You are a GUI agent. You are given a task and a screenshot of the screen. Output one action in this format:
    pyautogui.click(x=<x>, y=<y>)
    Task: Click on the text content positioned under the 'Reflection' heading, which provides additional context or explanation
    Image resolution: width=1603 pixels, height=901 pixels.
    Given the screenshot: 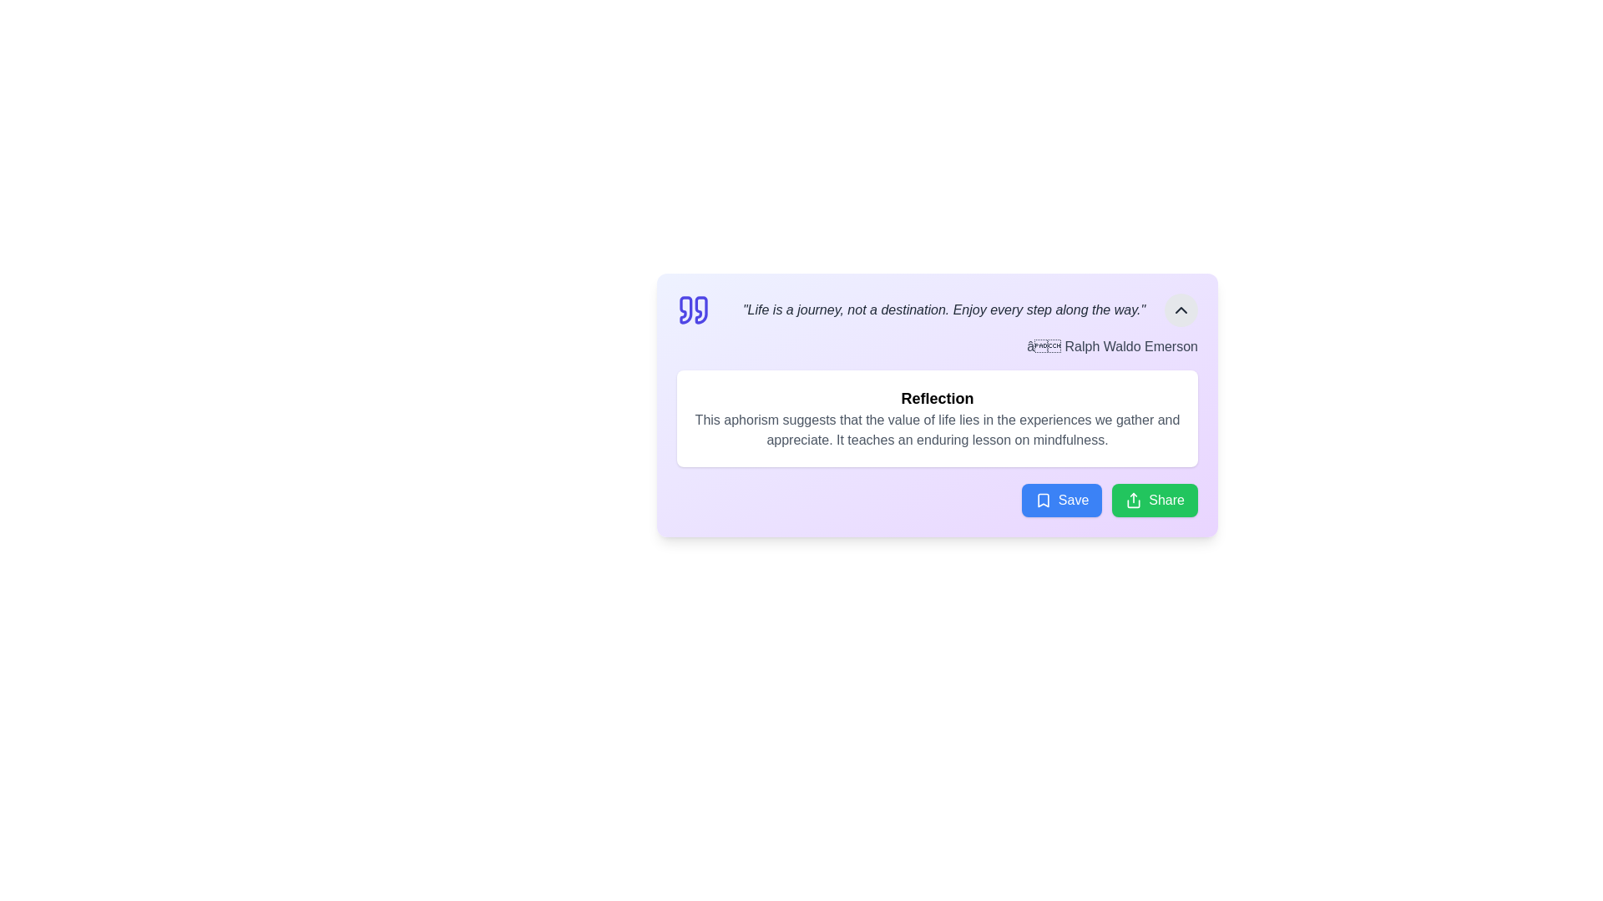 What is the action you would take?
    pyautogui.click(x=938, y=430)
    